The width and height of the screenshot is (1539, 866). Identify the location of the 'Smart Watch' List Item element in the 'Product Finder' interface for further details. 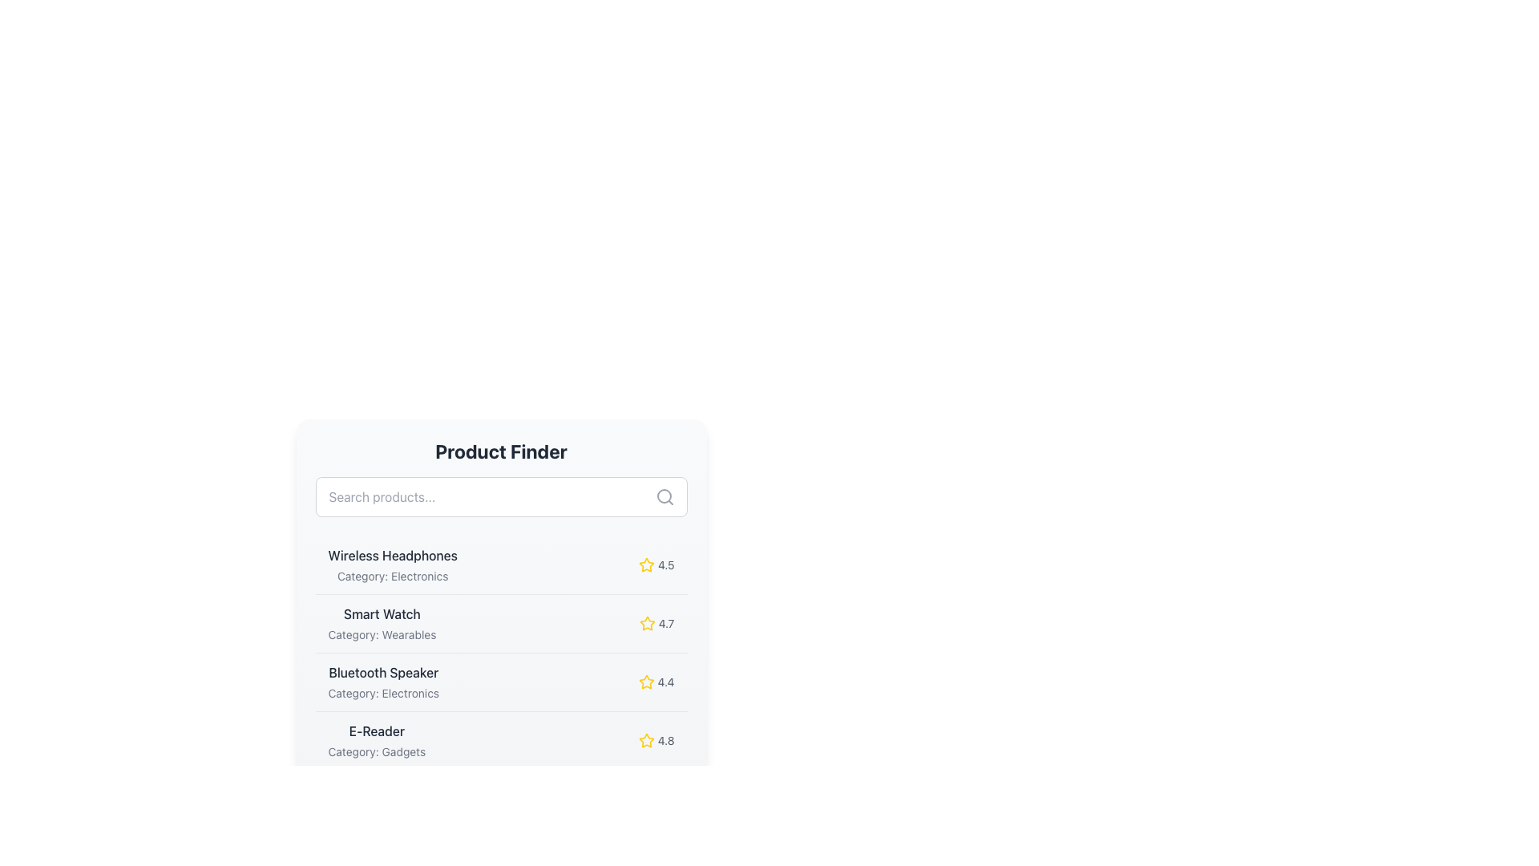
(500, 622).